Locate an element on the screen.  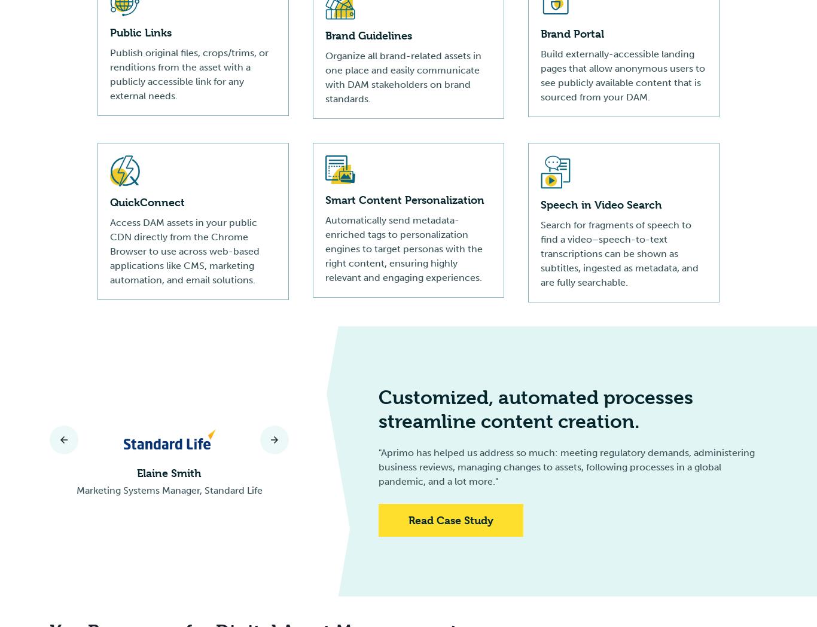
'Brand Portal' is located at coordinates (572, 33).